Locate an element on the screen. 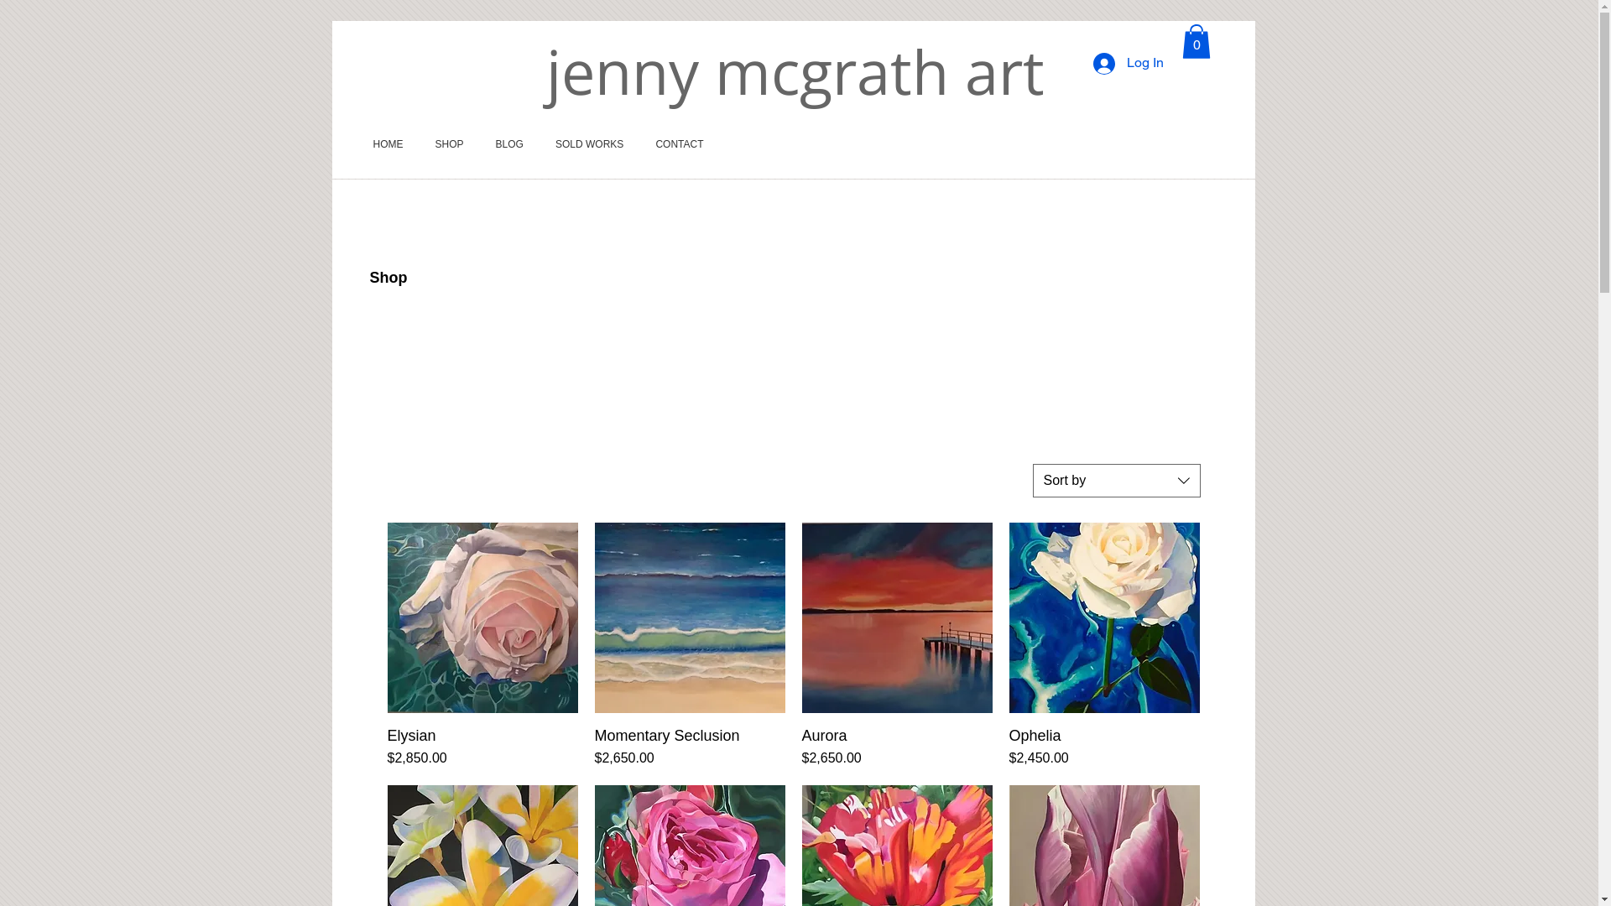 The width and height of the screenshot is (1611, 906). 'Momentary Seclusion is located at coordinates (689, 747).